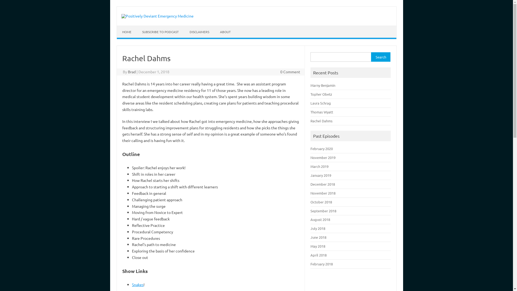  What do you see at coordinates (321, 175) in the screenshot?
I see `'January 2019'` at bounding box center [321, 175].